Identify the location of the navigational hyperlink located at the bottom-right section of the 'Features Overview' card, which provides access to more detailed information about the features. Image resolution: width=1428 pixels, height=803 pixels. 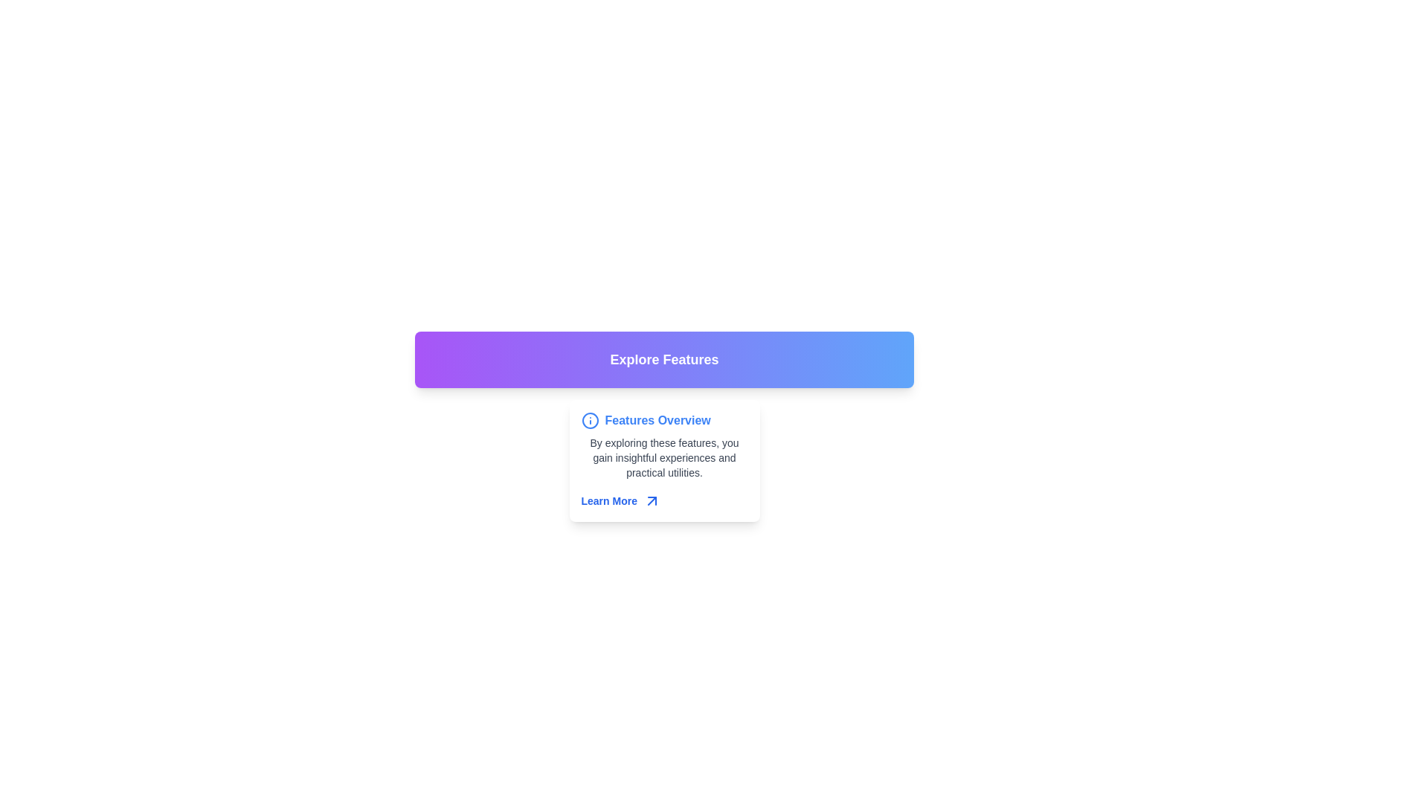
(663, 501).